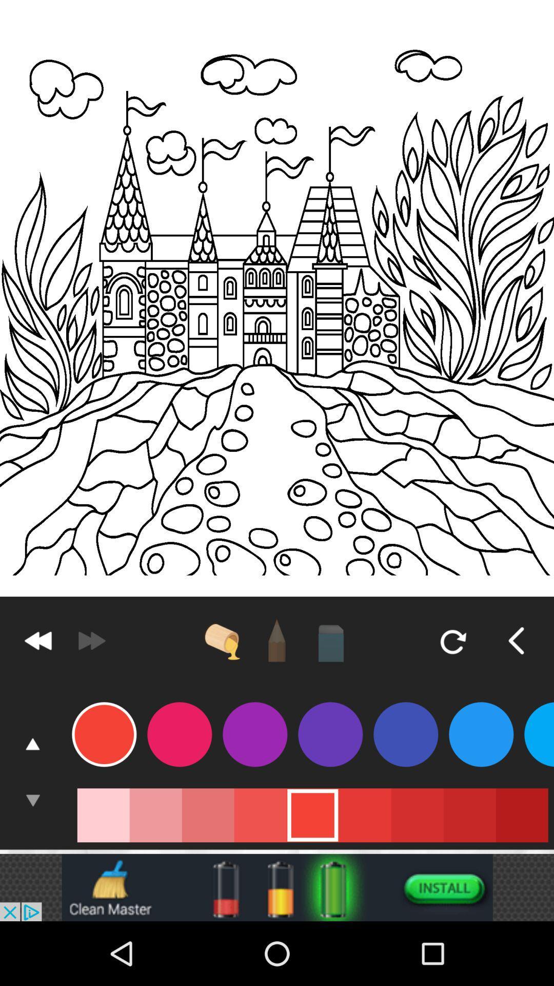  What do you see at coordinates (32, 796) in the screenshot?
I see `the arrow_upward icon` at bounding box center [32, 796].